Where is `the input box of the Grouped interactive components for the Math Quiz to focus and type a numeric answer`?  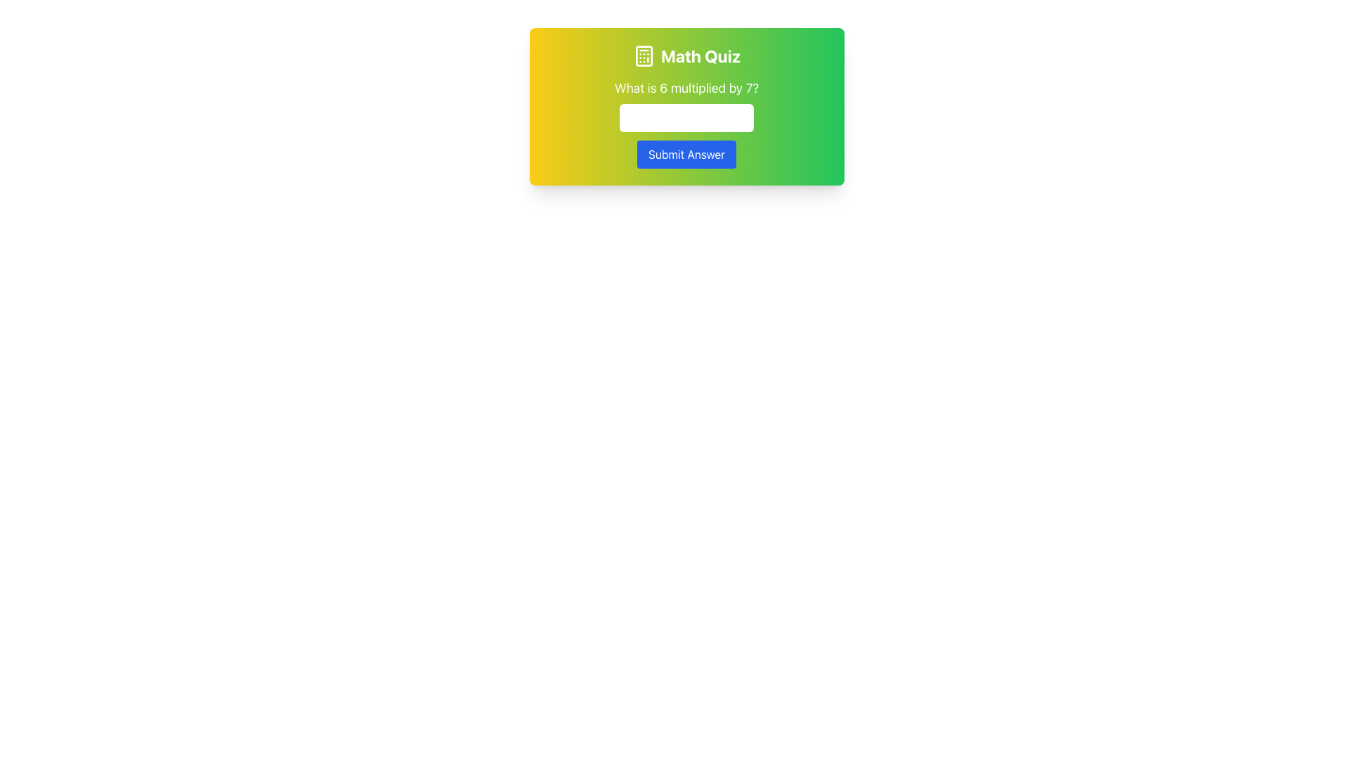
the input box of the Grouped interactive components for the Math Quiz to focus and type a numeric answer is located at coordinates (686, 123).